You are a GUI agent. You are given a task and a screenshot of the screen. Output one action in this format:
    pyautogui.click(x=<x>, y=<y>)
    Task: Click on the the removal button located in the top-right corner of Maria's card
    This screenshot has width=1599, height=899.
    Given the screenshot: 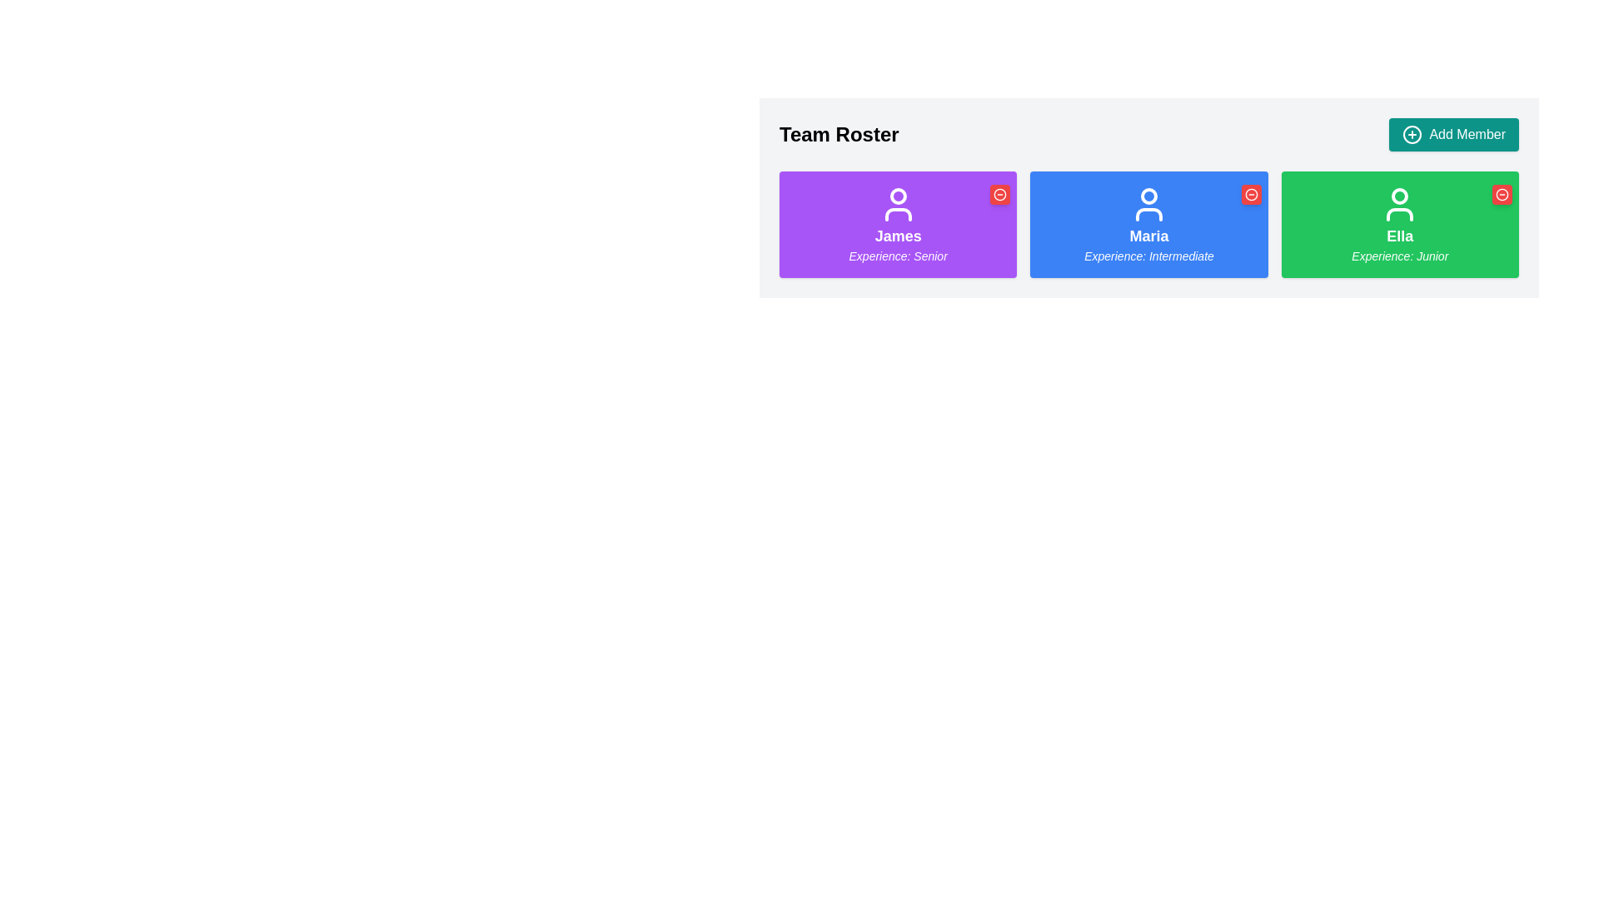 What is the action you would take?
    pyautogui.click(x=1251, y=194)
    